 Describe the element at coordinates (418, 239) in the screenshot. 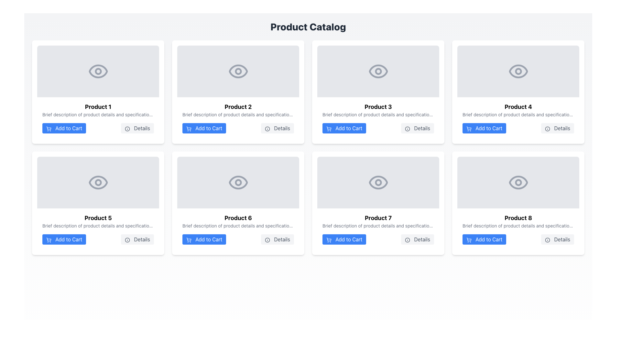

I see `the button that reveals additional details about 'Product 7', located at the bottom right of the product card in the second row, third column of the grid layout` at that location.